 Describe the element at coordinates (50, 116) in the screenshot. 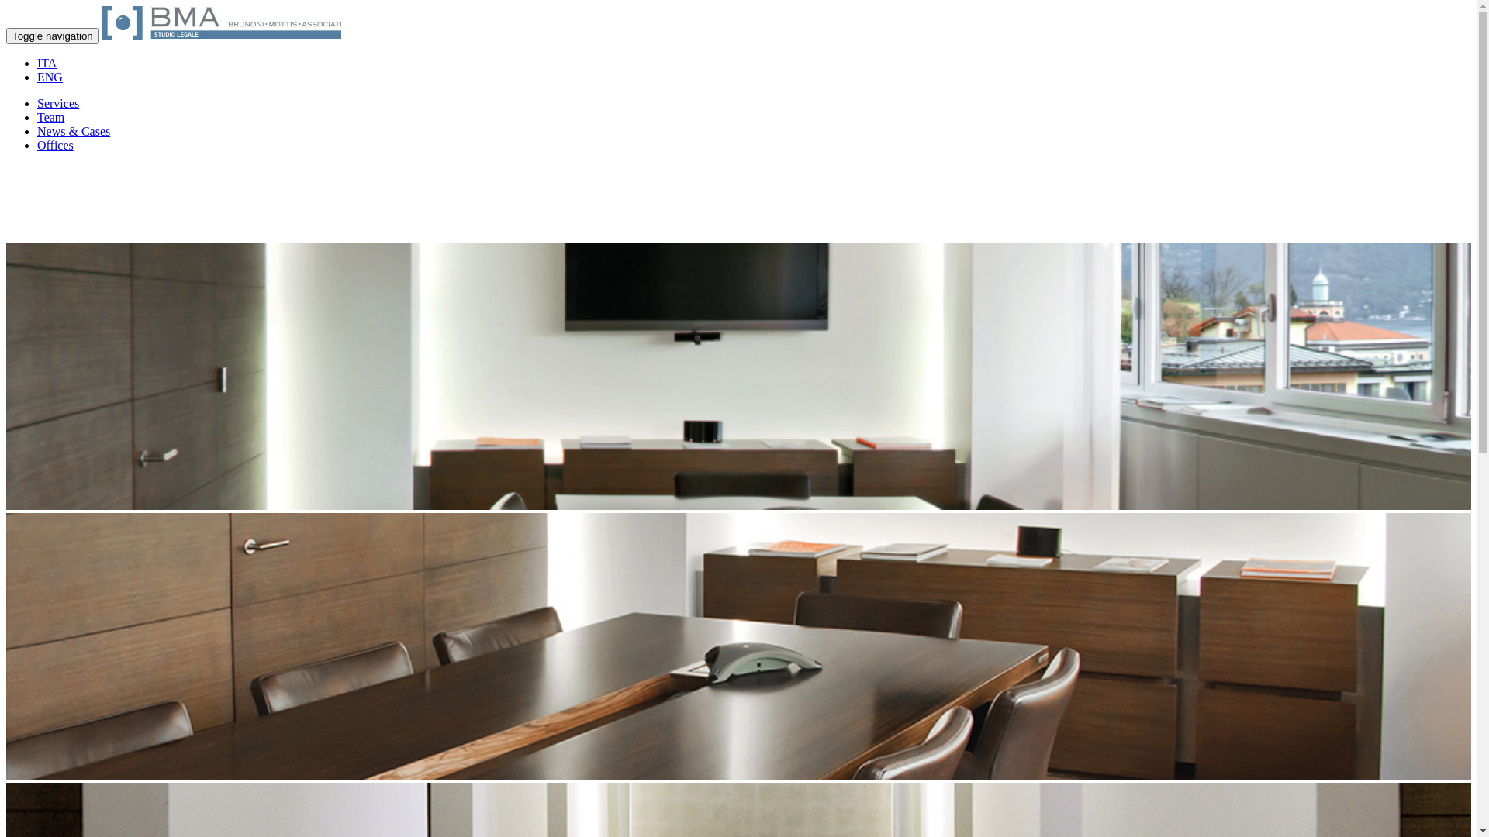

I see `'Team'` at that location.